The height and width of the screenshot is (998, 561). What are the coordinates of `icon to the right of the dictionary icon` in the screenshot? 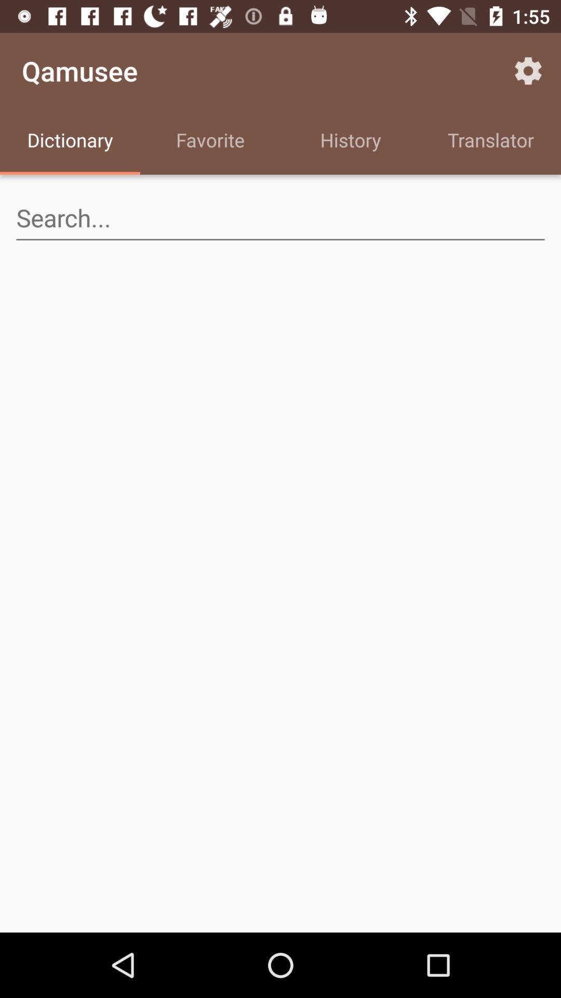 It's located at (210, 141).